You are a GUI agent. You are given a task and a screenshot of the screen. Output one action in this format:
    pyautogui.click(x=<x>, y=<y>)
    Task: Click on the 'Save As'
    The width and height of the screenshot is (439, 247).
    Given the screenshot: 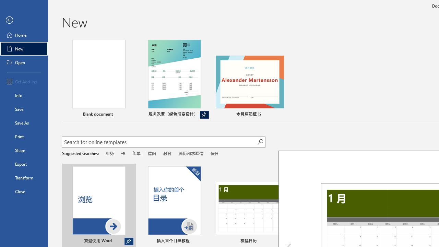 What is the action you would take?
    pyautogui.click(x=24, y=122)
    